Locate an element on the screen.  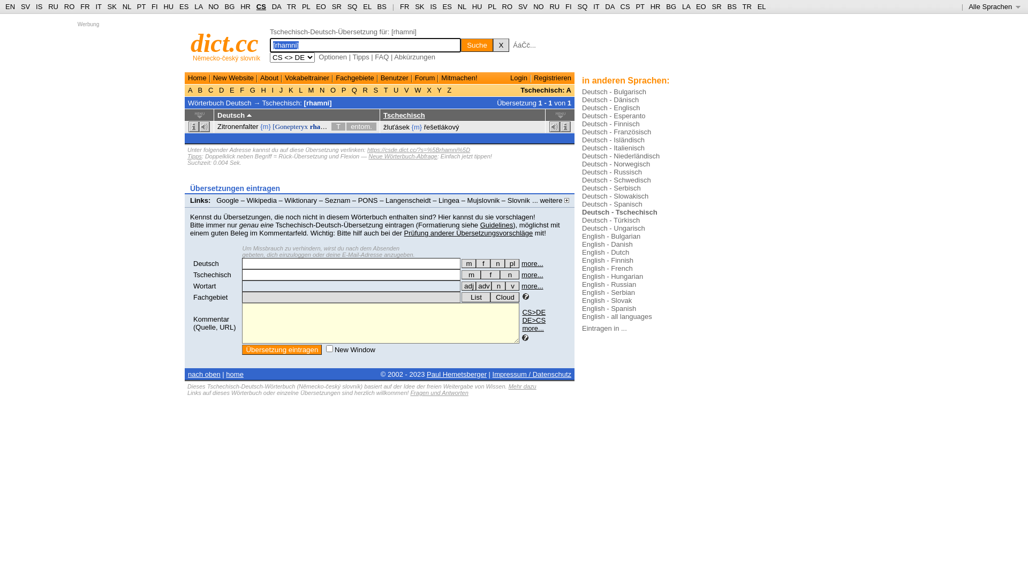
'FR' is located at coordinates (399, 6).